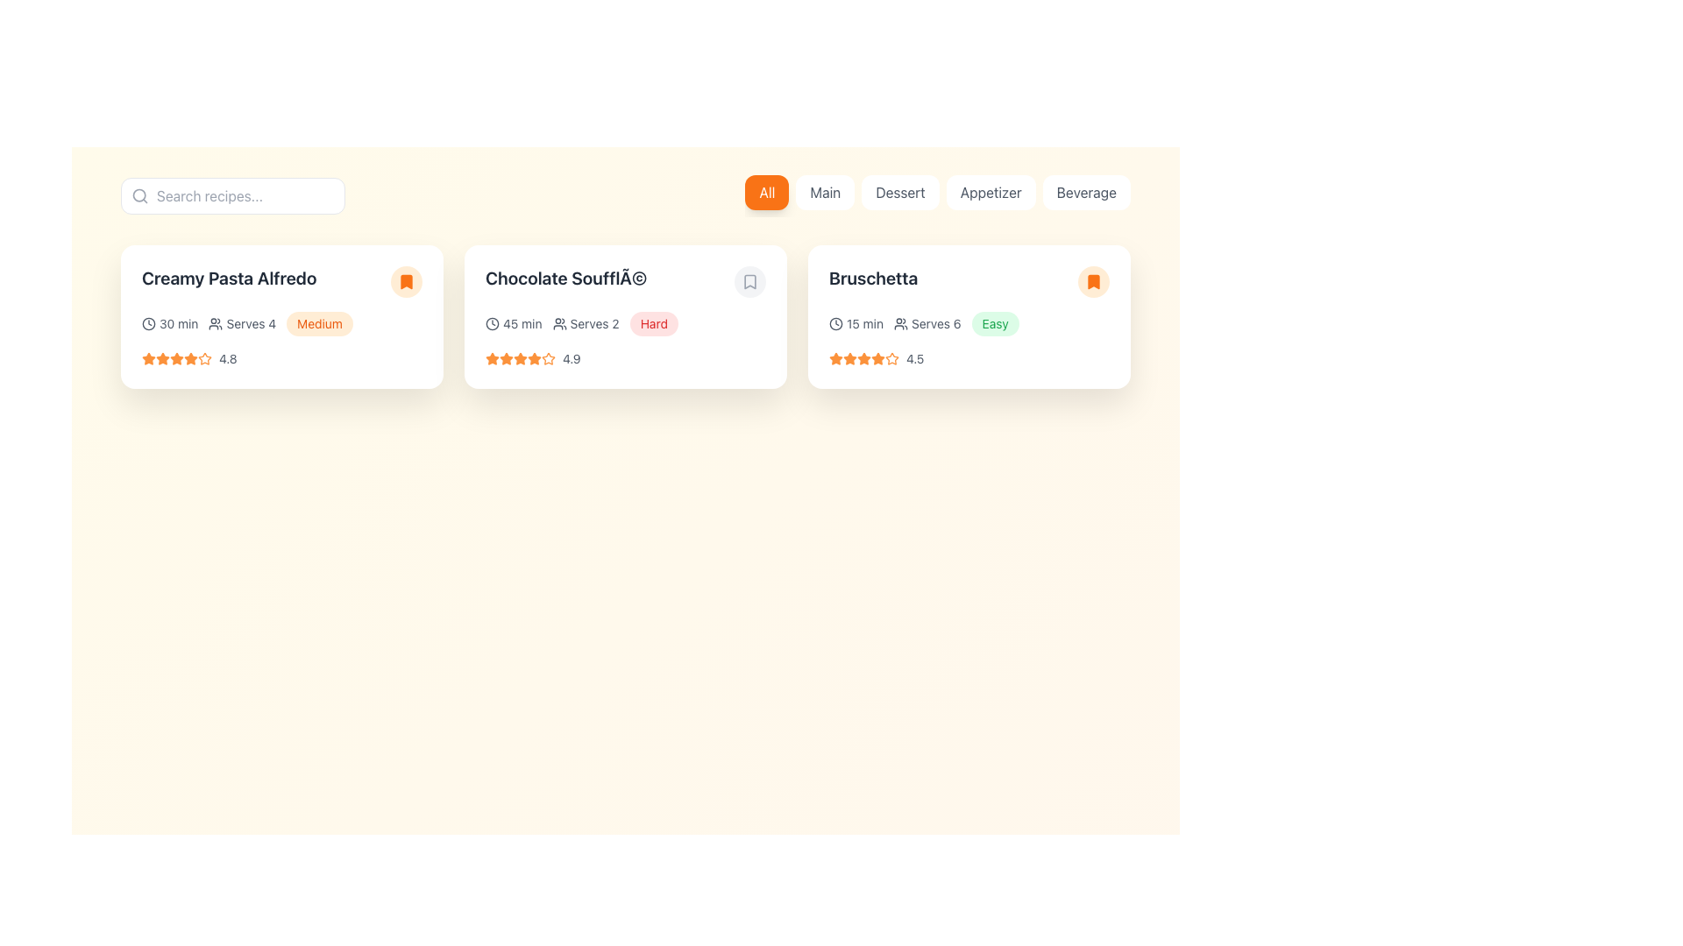  I want to click on the third star icon in the rating system below the title of the 'Bruschetta' recipe card to assign a rating, so click(877, 357).